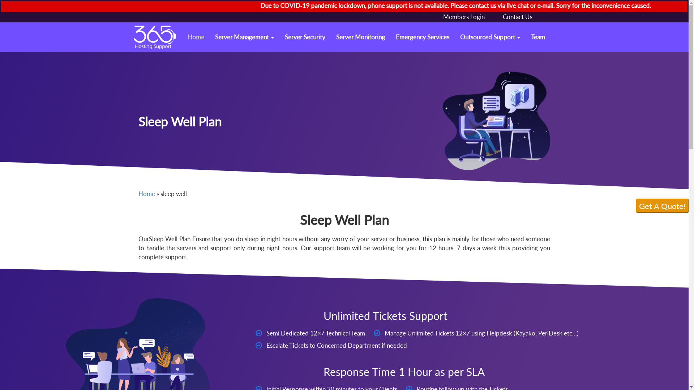 Image resolution: width=694 pixels, height=390 pixels. Describe the element at coordinates (244, 37) in the screenshot. I see `'Server Management'` at that location.